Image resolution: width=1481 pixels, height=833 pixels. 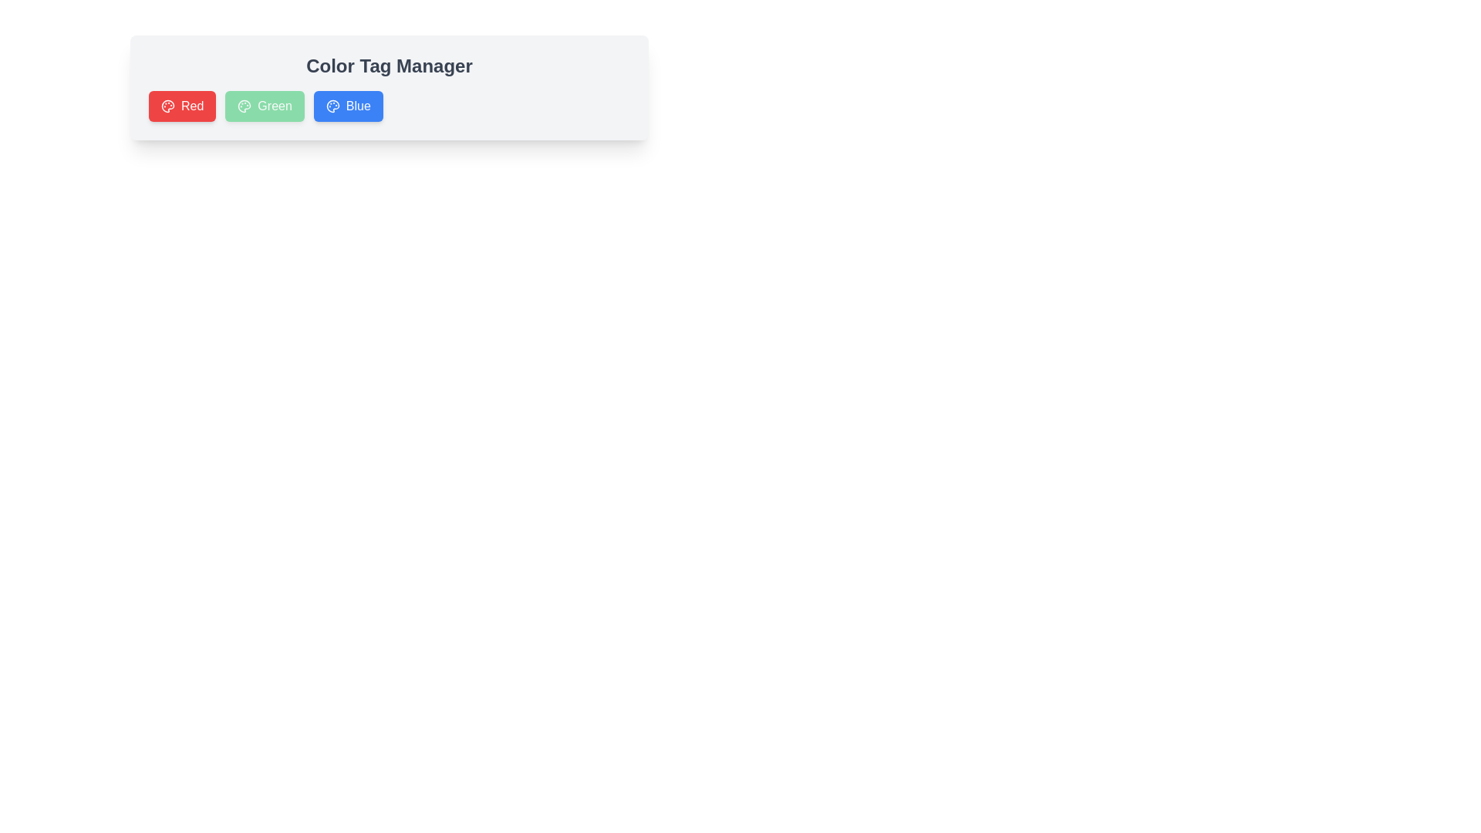 What do you see at coordinates (264, 106) in the screenshot?
I see `the button labeled Green to observe its hover effect` at bounding box center [264, 106].